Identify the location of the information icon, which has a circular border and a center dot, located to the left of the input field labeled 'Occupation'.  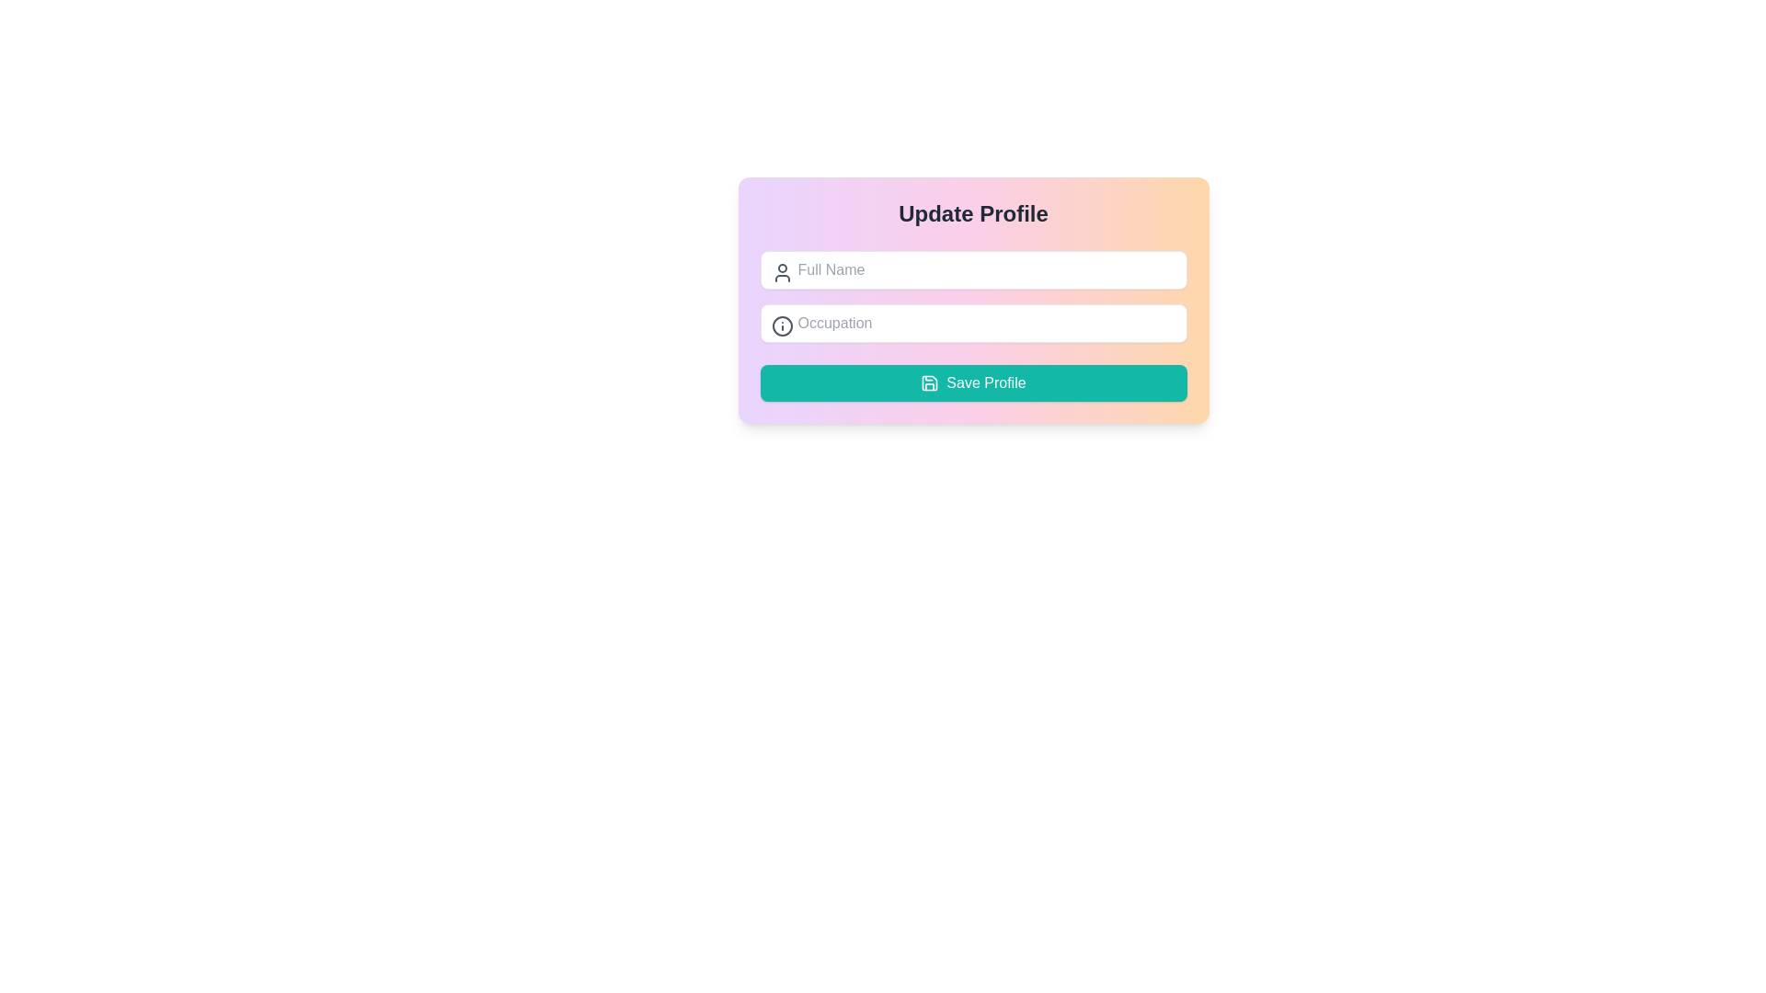
(782, 325).